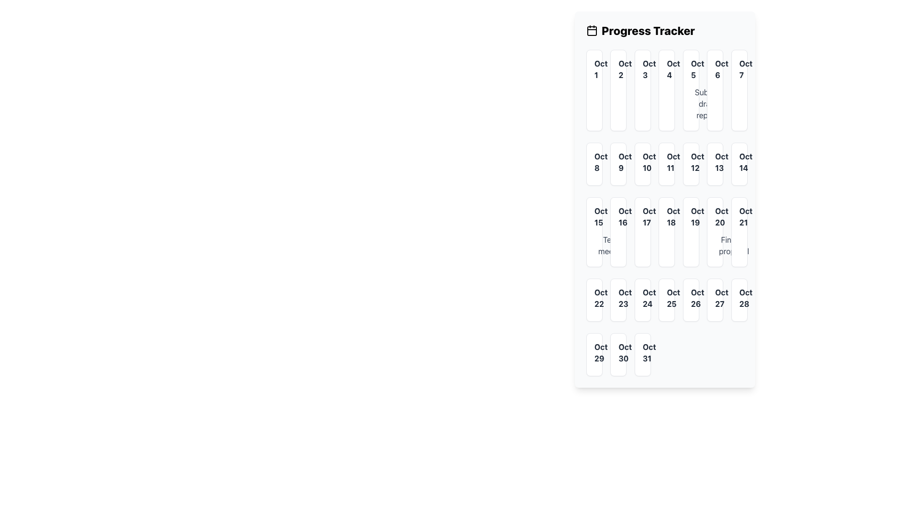 The width and height of the screenshot is (919, 517). What do you see at coordinates (642, 90) in the screenshot?
I see `the date block displaying 'October 3rd' in the calendar interface` at bounding box center [642, 90].